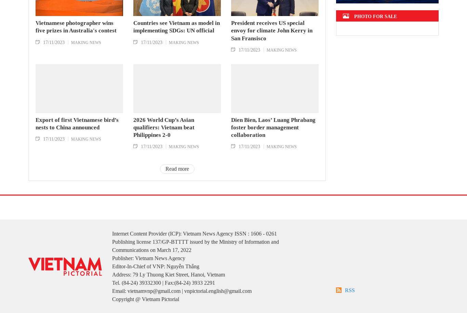 The width and height of the screenshot is (467, 313). What do you see at coordinates (271, 30) in the screenshot?
I see `'President receives US special envoy for climate John Kerry in San Fransisco'` at bounding box center [271, 30].